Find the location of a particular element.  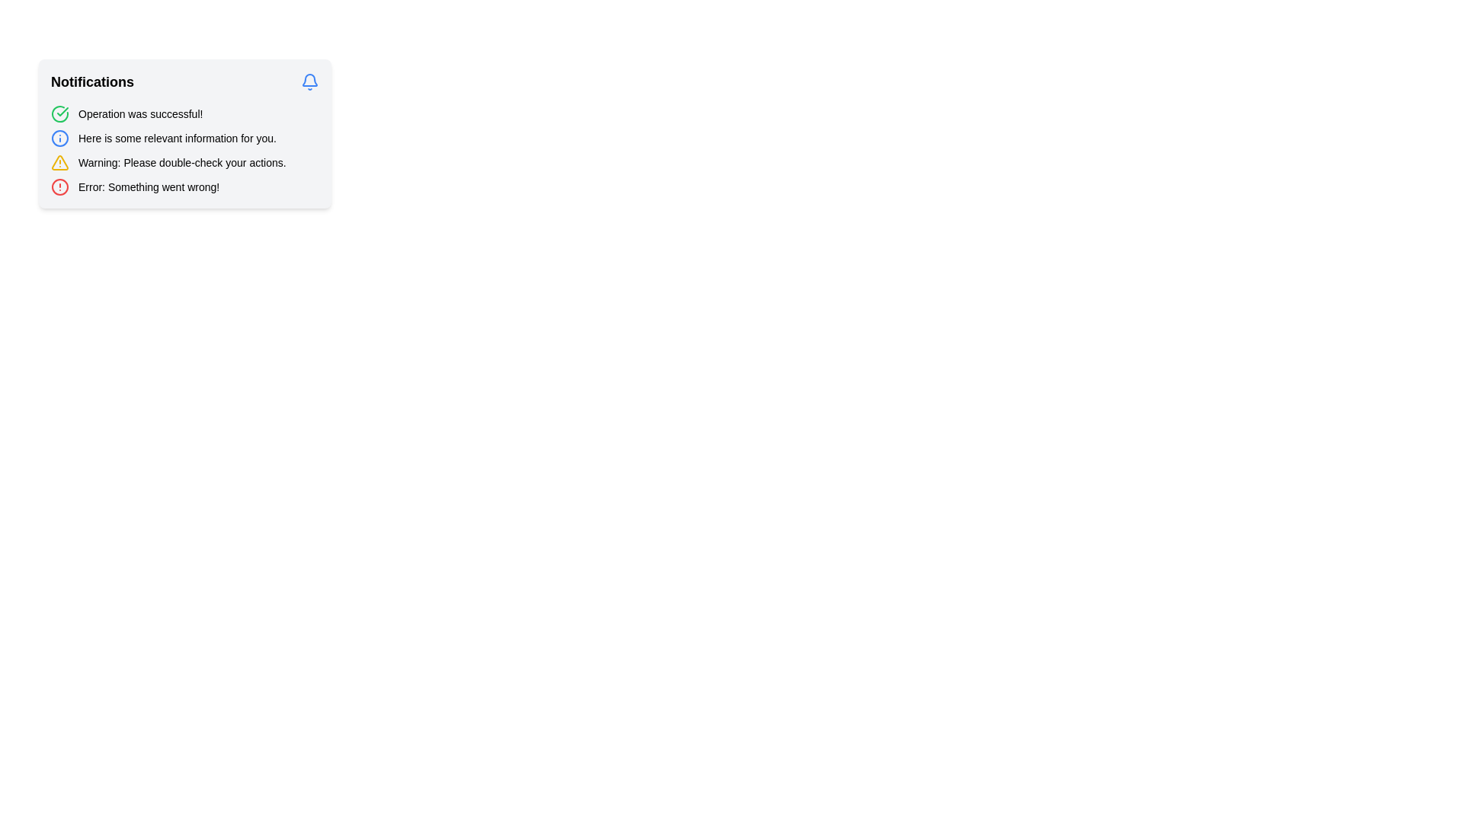

the Static Text element displaying the message 'Operation was successful!', which is aligned to the right of a green circular check icon within the notification panel is located at coordinates (140, 113).